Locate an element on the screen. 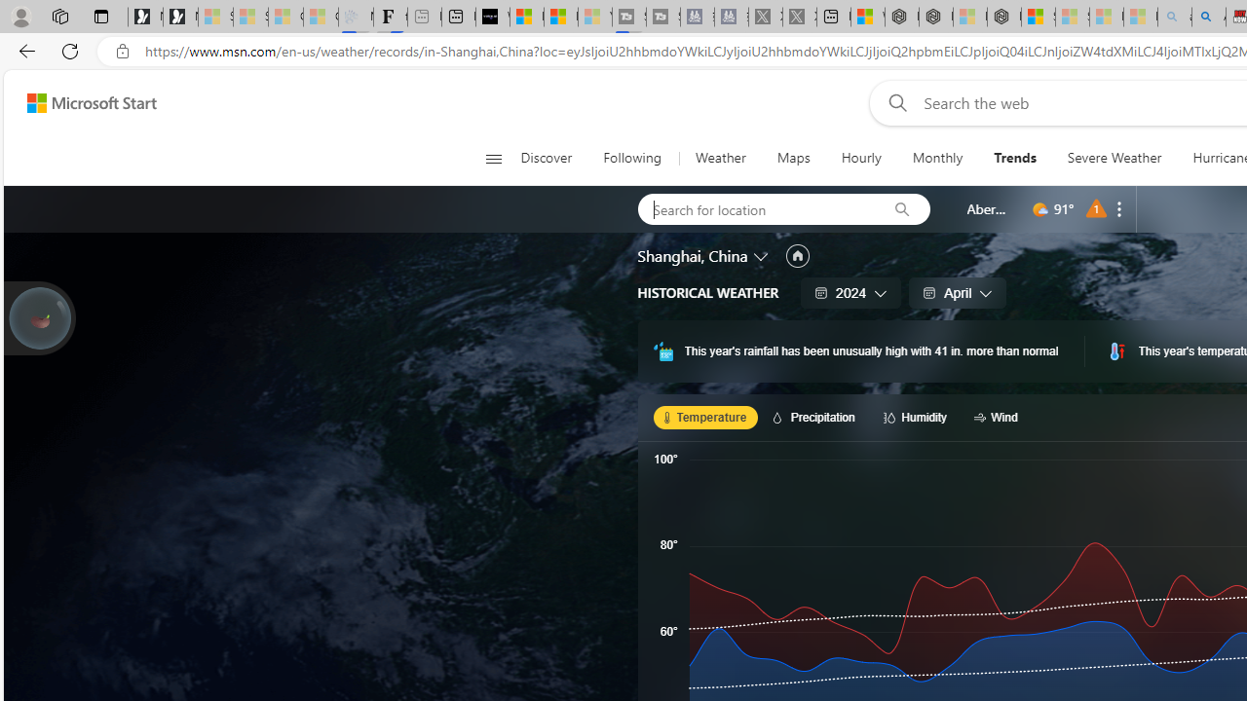 This screenshot has width=1247, height=701. 'Maps' is located at coordinates (793, 158).